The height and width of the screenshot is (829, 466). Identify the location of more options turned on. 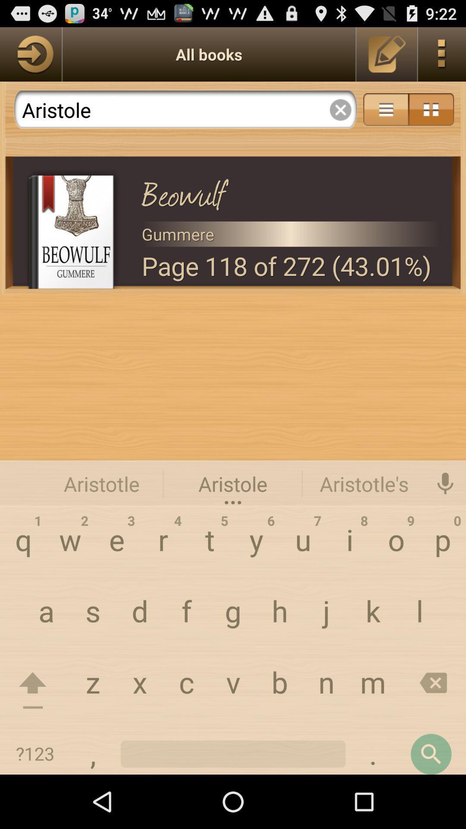
(385, 109).